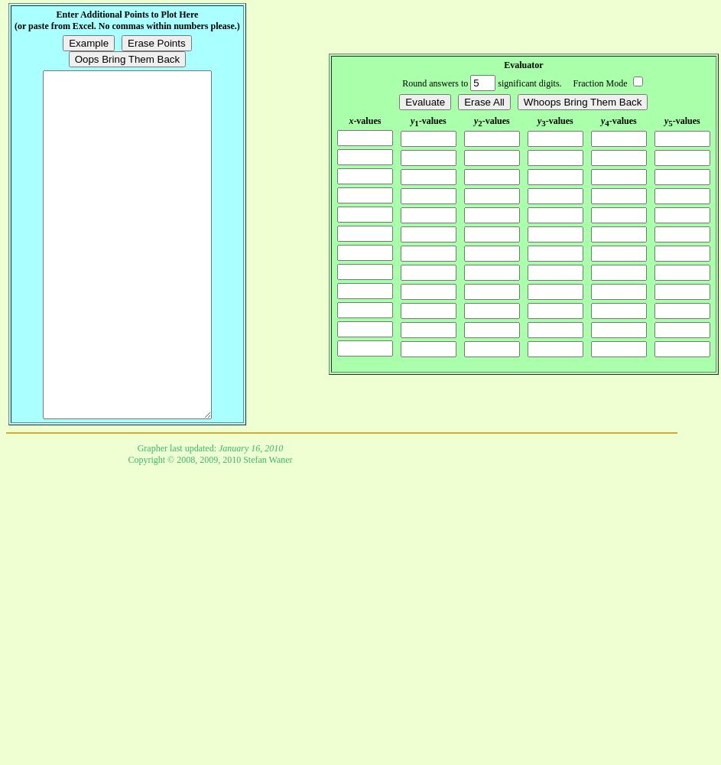  What do you see at coordinates (667, 122) in the screenshot?
I see `'5'` at bounding box center [667, 122].